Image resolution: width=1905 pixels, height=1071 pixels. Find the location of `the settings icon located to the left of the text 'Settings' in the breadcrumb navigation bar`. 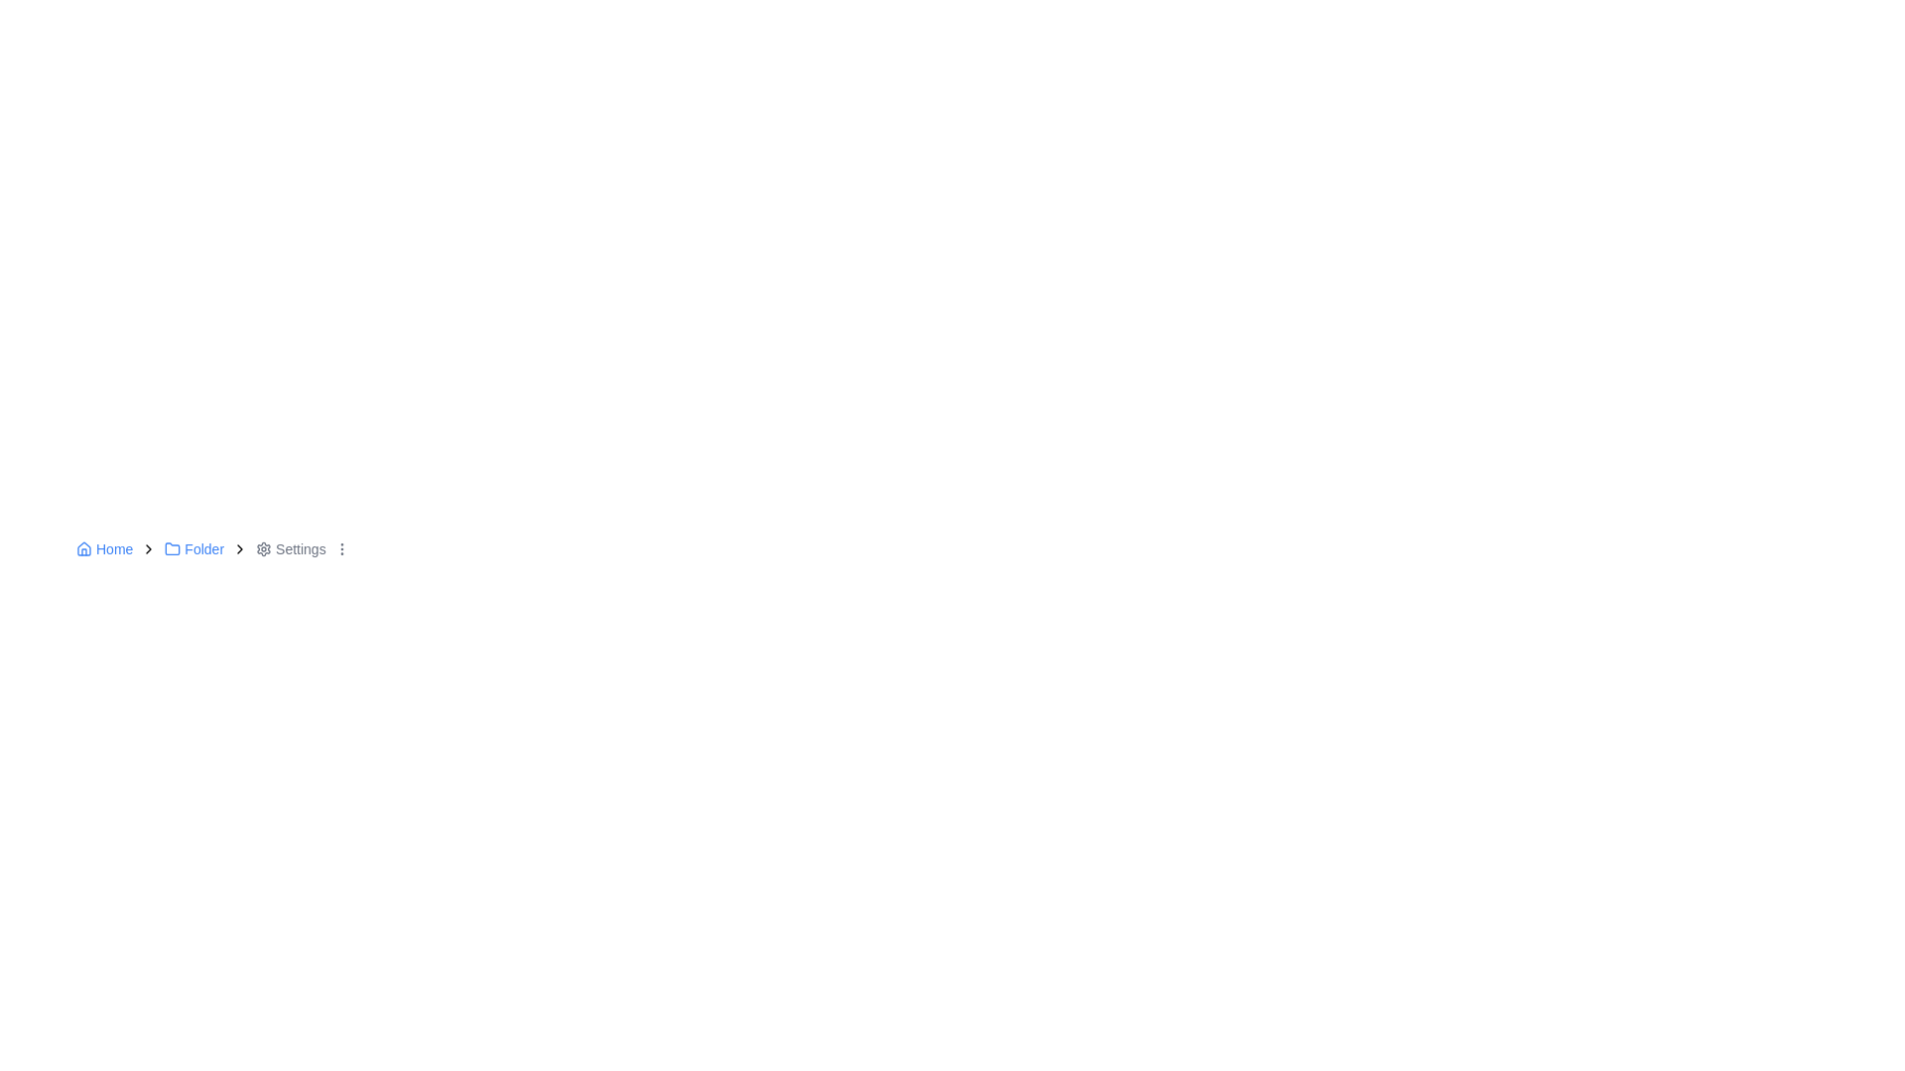

the settings icon located to the left of the text 'Settings' in the breadcrumb navigation bar is located at coordinates (262, 549).